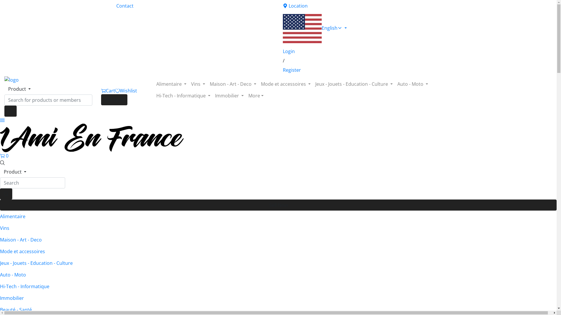 The image size is (561, 315). Describe the element at coordinates (412, 84) in the screenshot. I see `'Auto - Moto'` at that location.